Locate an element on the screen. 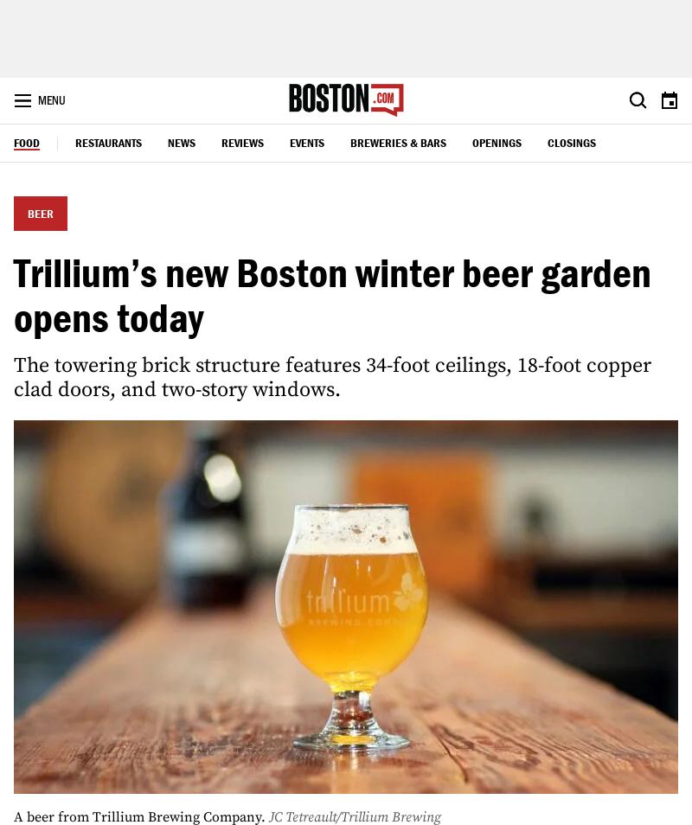  'Events' is located at coordinates (290, 142).